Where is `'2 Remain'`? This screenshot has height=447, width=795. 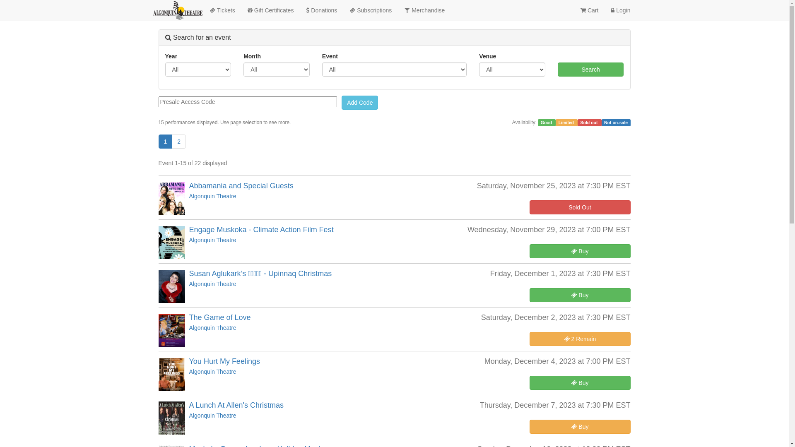
'2 Remain' is located at coordinates (579, 339).